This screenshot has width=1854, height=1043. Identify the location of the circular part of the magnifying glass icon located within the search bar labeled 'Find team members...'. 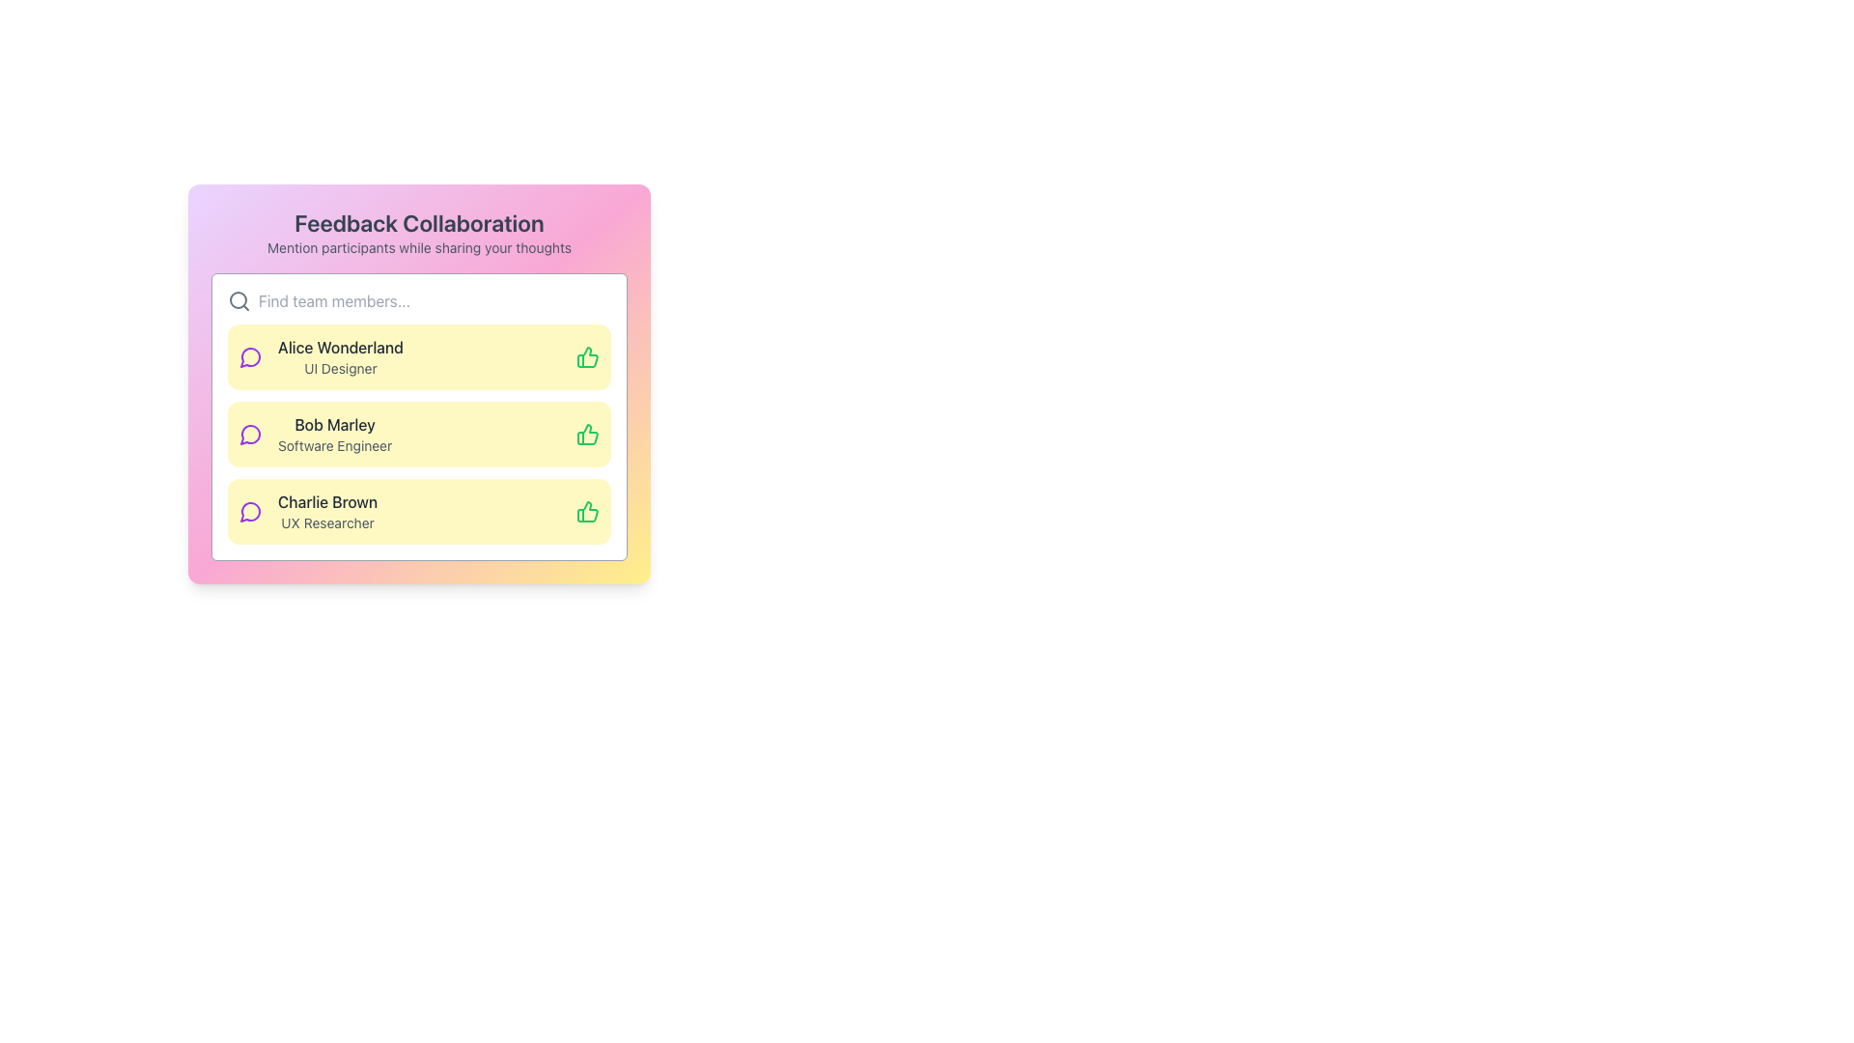
(237, 300).